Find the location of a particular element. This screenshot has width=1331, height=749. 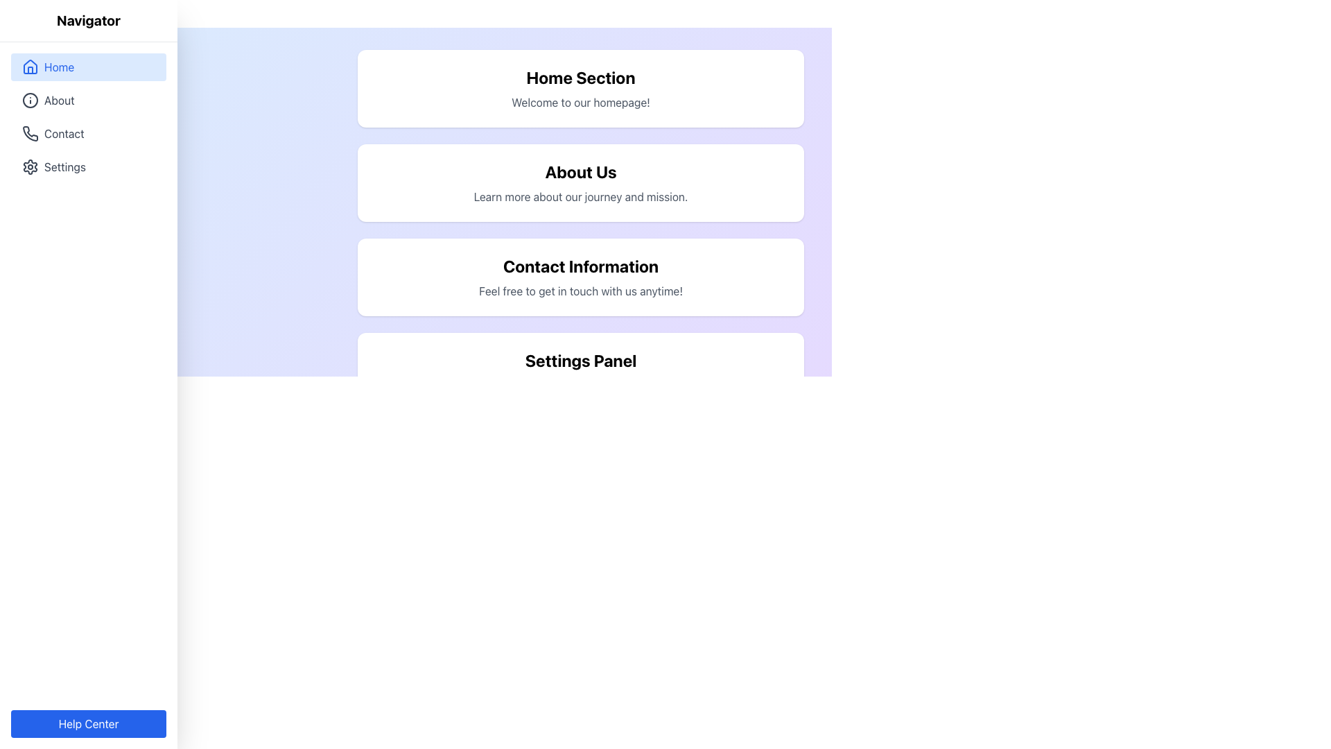

the static text element providing additional information related to the 'Contact Information' section, which is positioned directly below the 'Contact Information' heading is located at coordinates (581, 291).